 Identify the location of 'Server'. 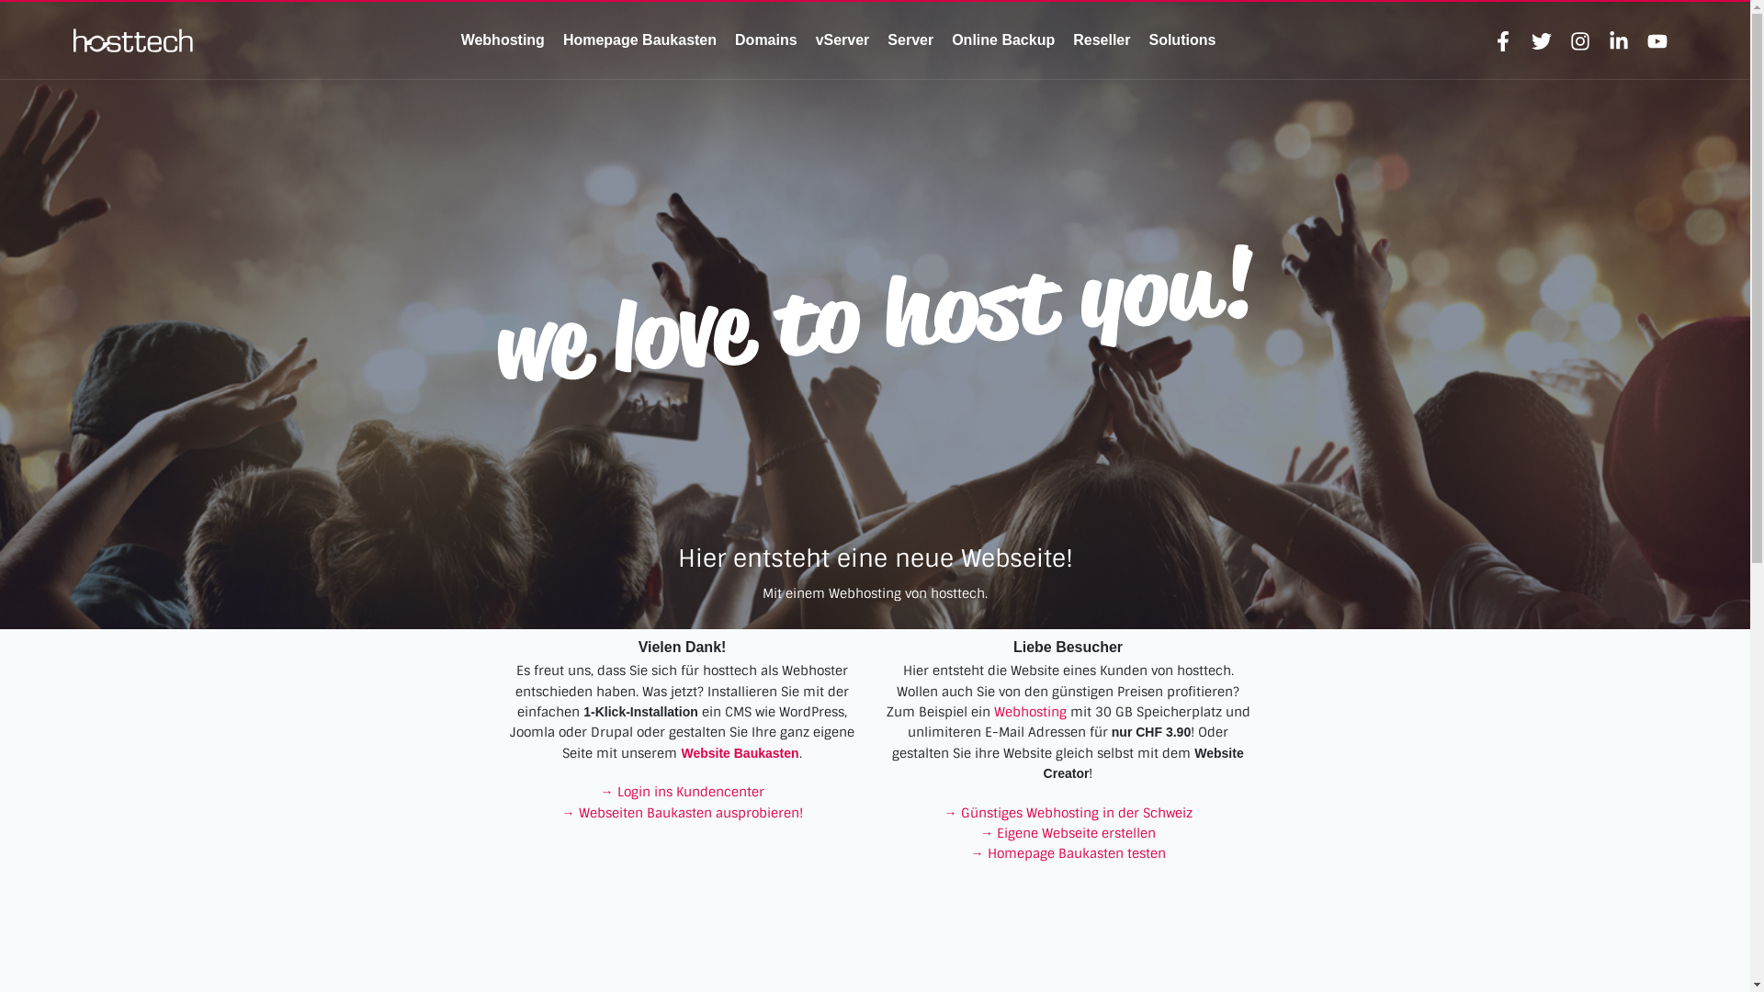
(910, 39).